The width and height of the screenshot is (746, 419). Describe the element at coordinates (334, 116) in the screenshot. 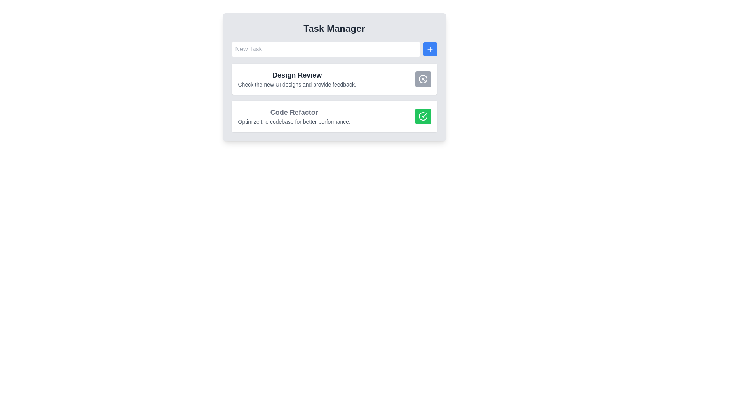

I see `the actionable button of the task item in the task manager interface to mark the task as done` at that location.